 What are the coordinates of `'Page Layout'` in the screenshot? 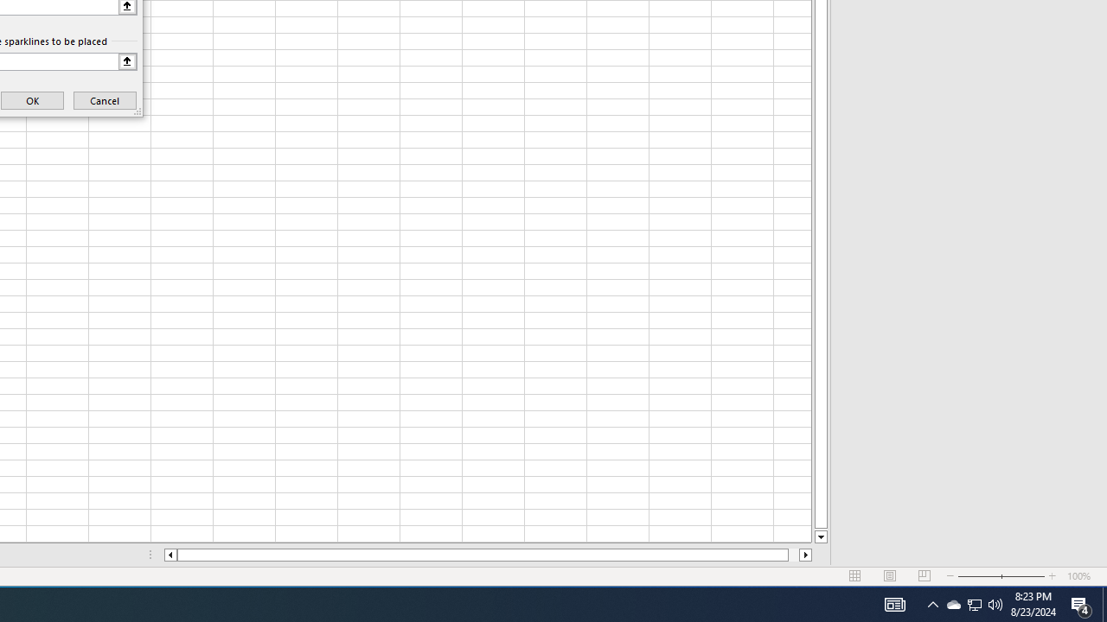 It's located at (890, 576).